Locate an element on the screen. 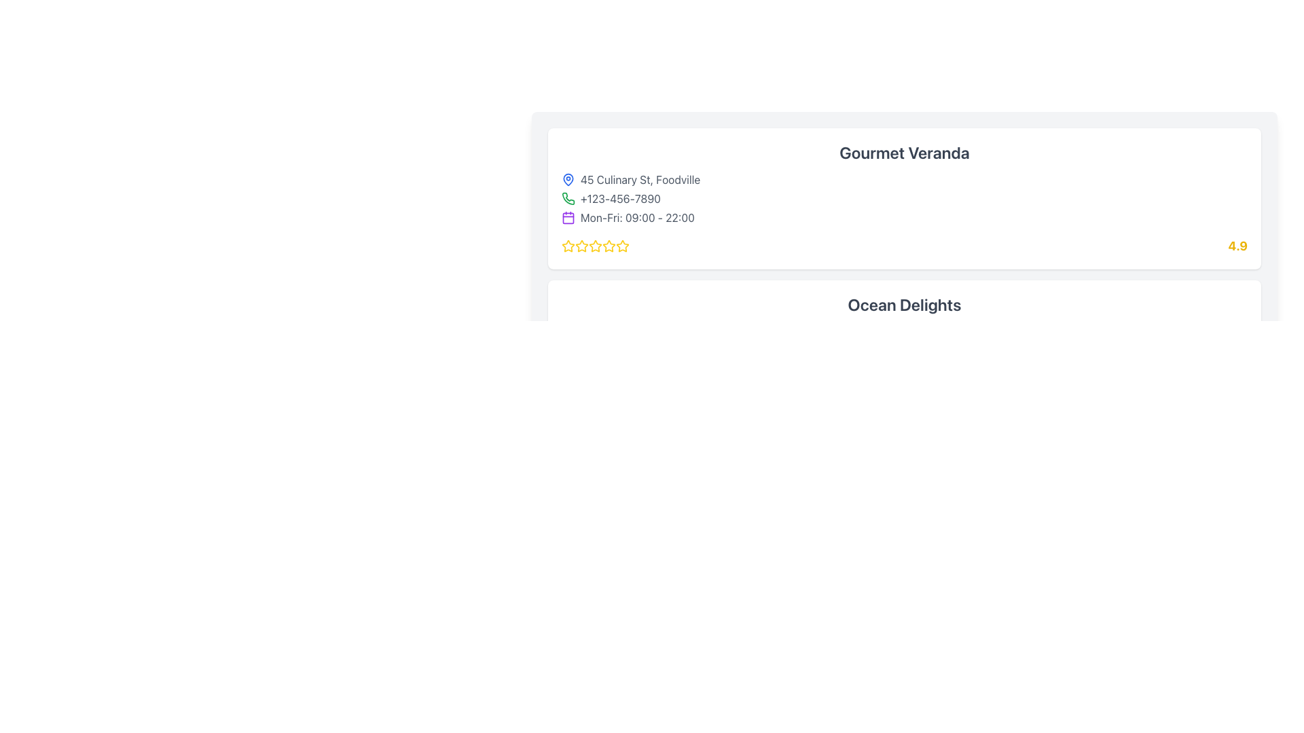  the Header Text displaying 'Gourmet Veranda', which is styled in a large, serif-like font and is located at the top of a light gray card is located at coordinates (904, 152).